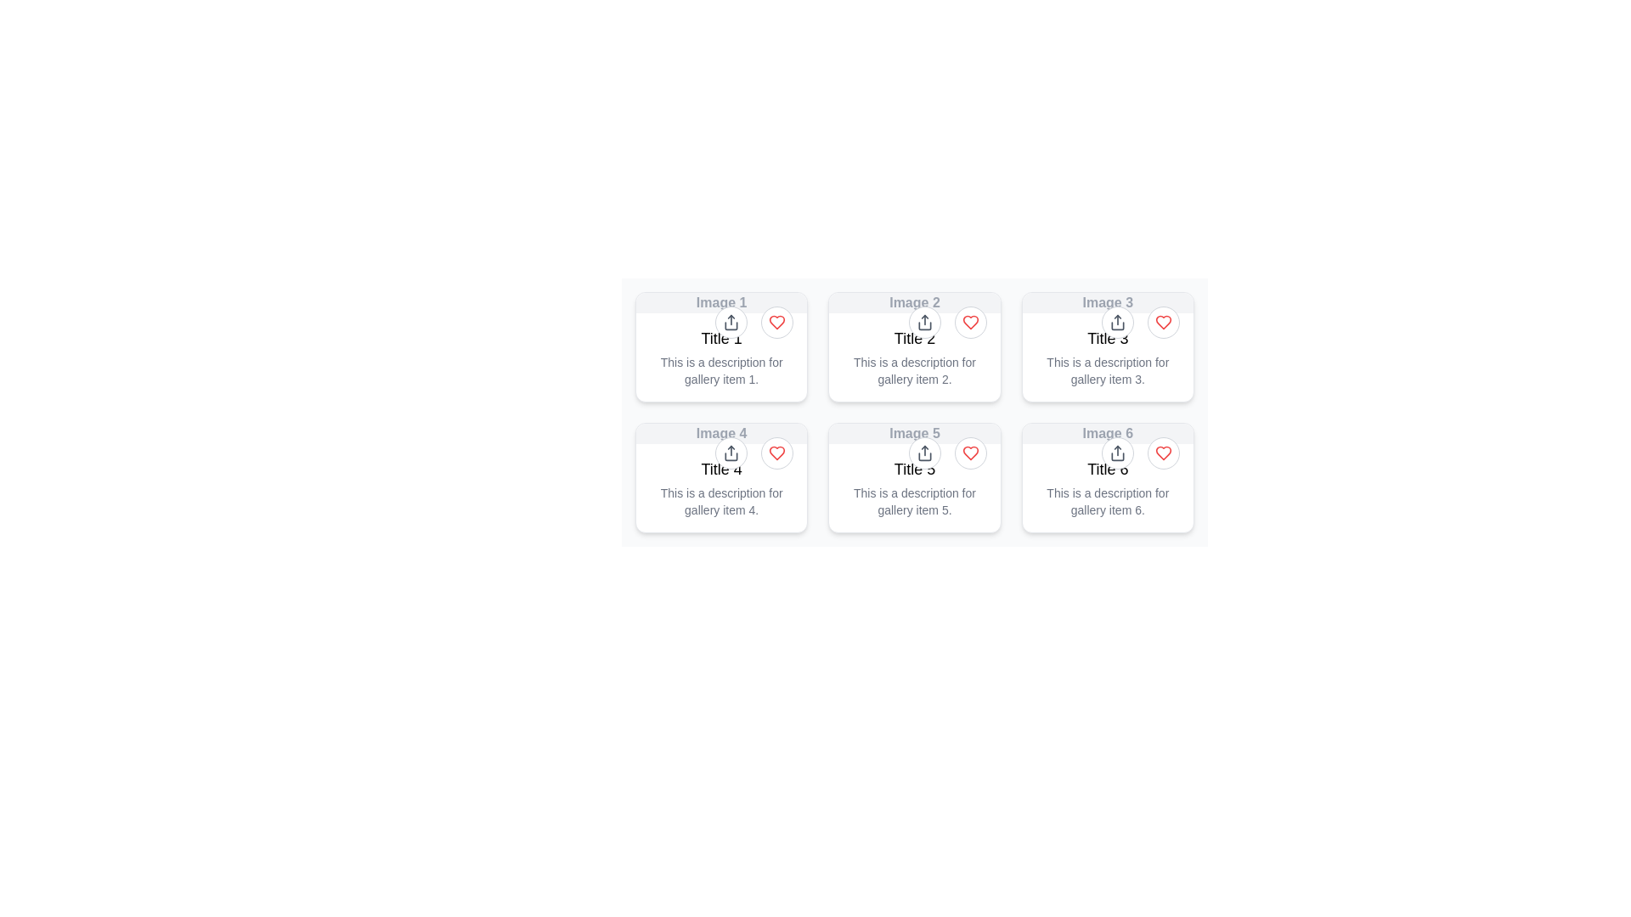  Describe the element at coordinates (913, 432) in the screenshot. I see `the label at the top-center of the card titled 'Title 5' in the gallery` at that location.